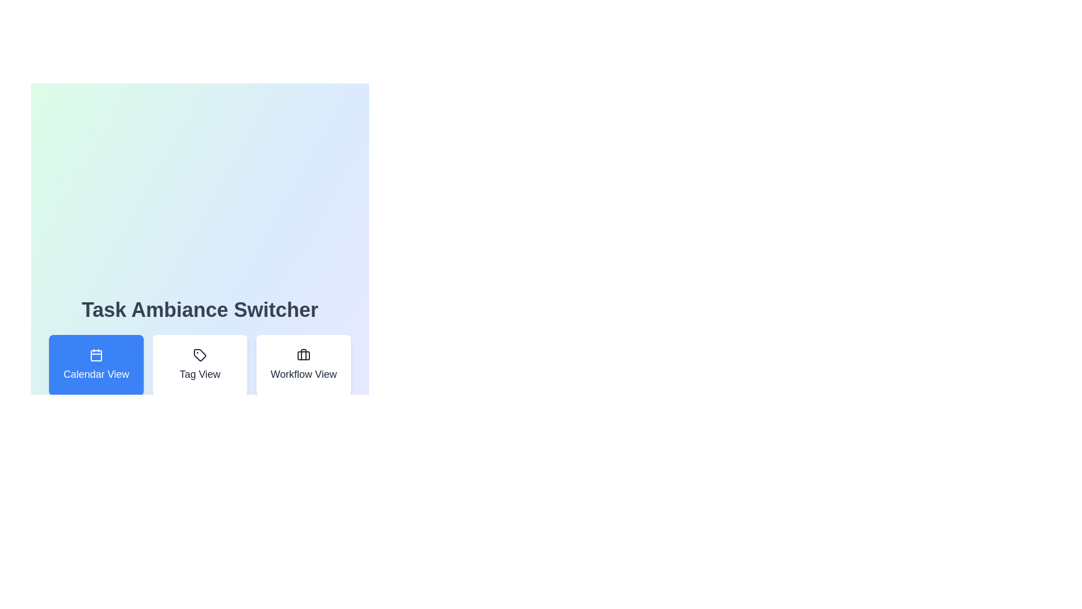 This screenshot has width=1082, height=609. Describe the element at coordinates (303, 365) in the screenshot. I see `the third button in the grid layout, which activates the 'Workflow View' within the application` at that location.